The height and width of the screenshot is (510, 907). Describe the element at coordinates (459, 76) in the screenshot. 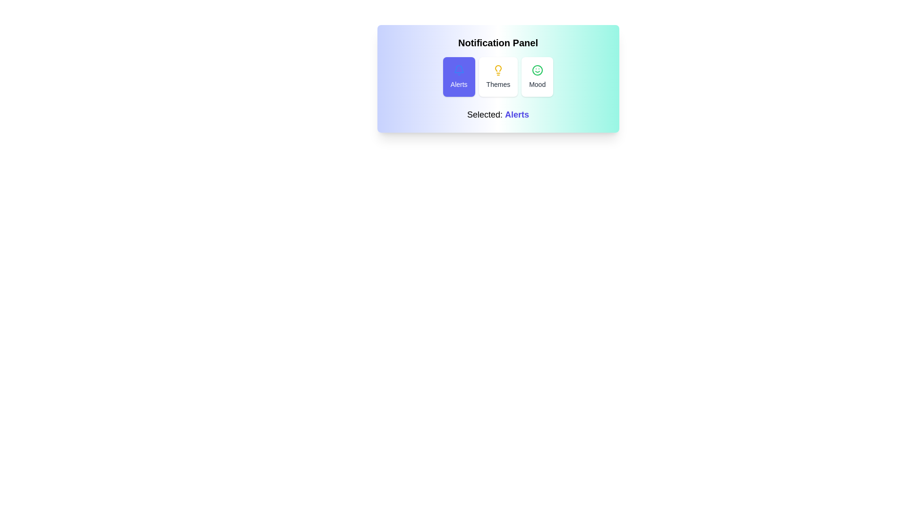

I see `the Alerts button in the notification panel` at that location.